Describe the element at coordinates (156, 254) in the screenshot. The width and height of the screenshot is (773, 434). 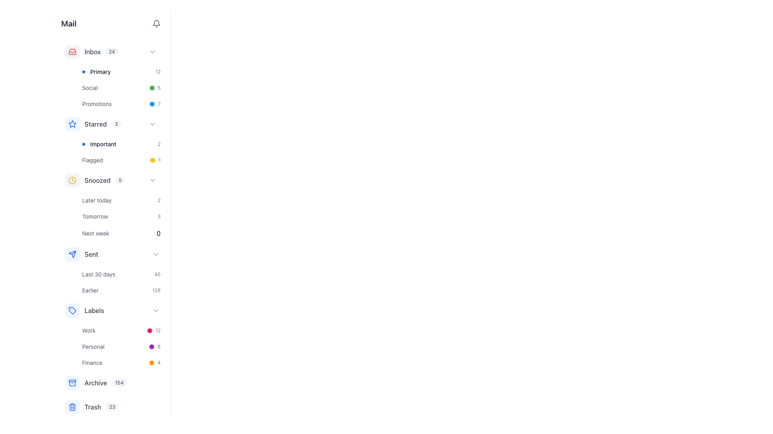
I see `the right-facing chevron icon for dropdown toggle located adjacent to the 'Sent' text label` at that location.